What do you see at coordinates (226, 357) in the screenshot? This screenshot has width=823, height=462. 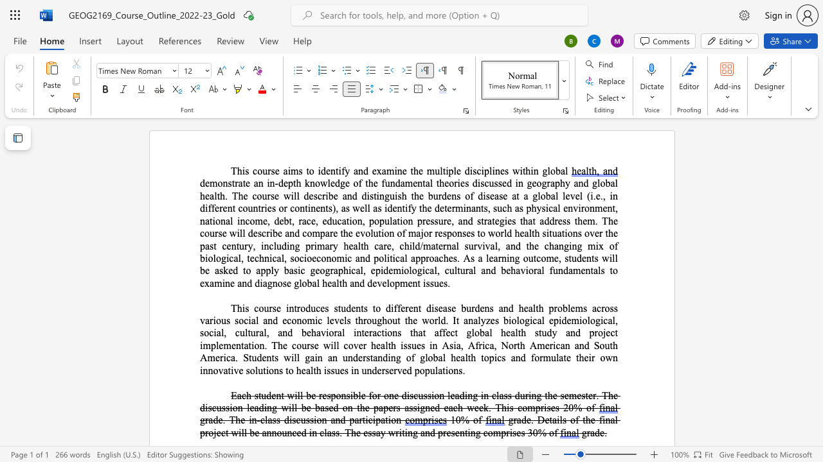 I see `the space between the continuous character "i" and "c" in the text` at bounding box center [226, 357].